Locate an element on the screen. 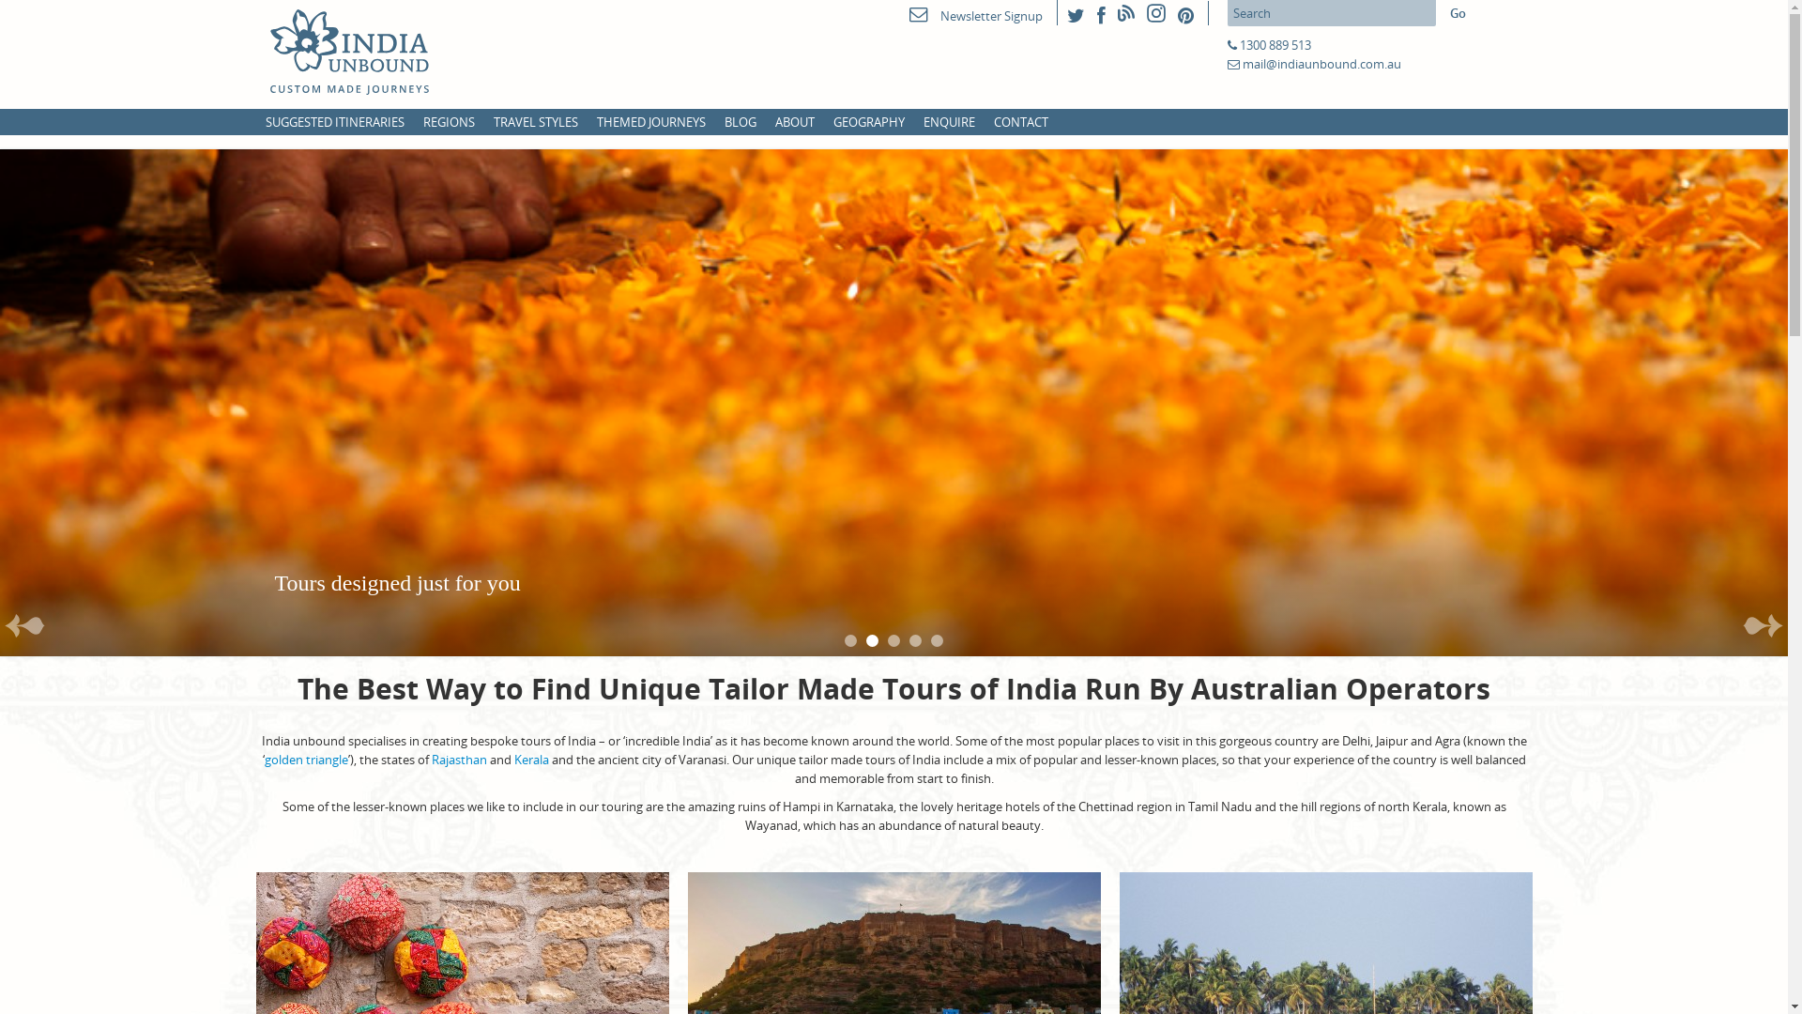  '2' is located at coordinates (871, 639).